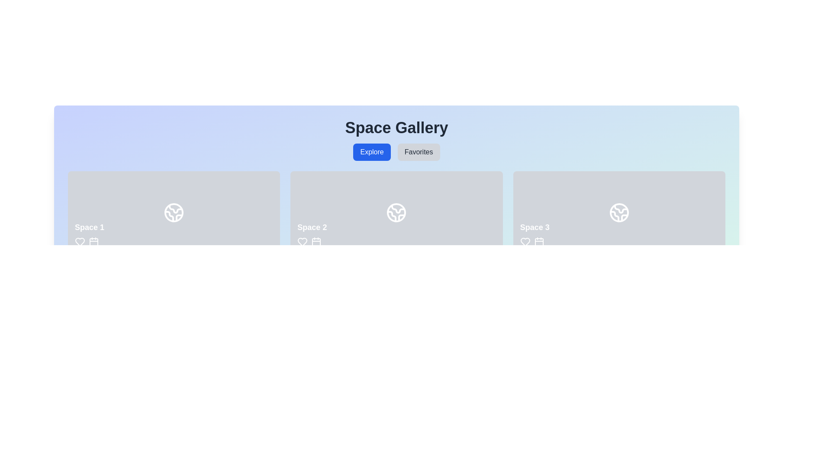  What do you see at coordinates (174, 213) in the screenshot?
I see `the Earth or Global functionality icon located centrally in the first card section labeled 'Space 1'` at bounding box center [174, 213].